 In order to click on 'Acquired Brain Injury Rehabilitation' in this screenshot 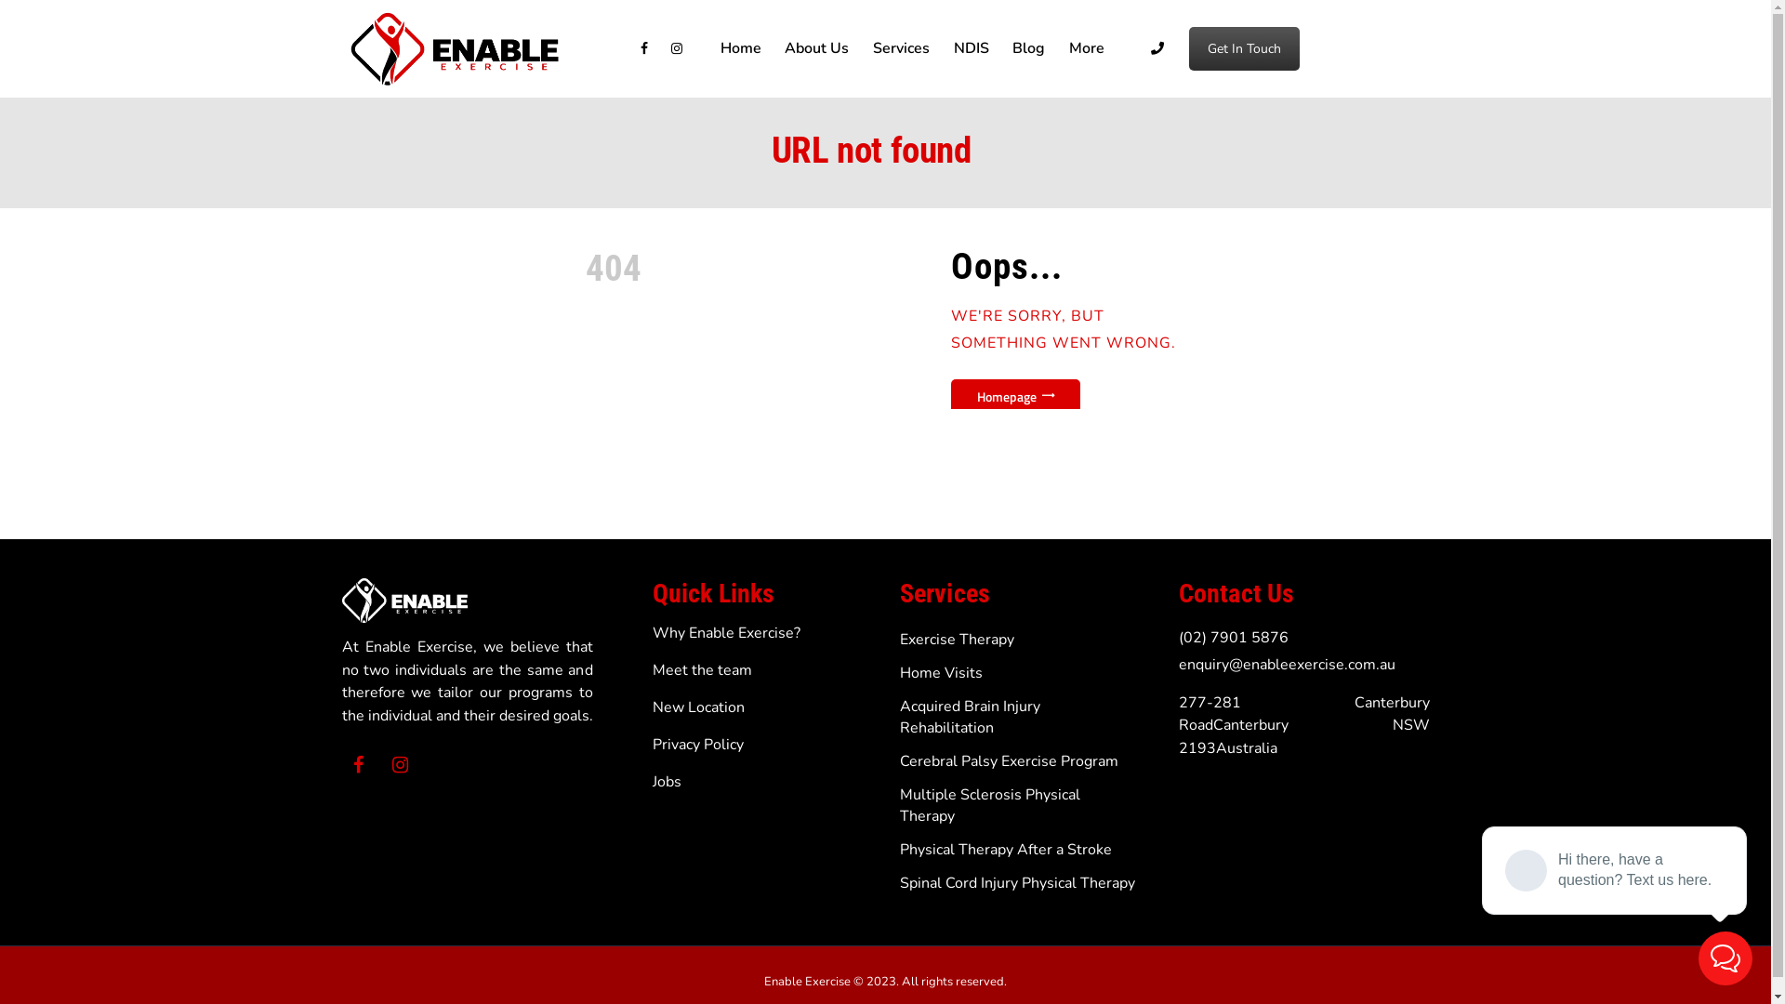, I will do `click(969, 716)`.